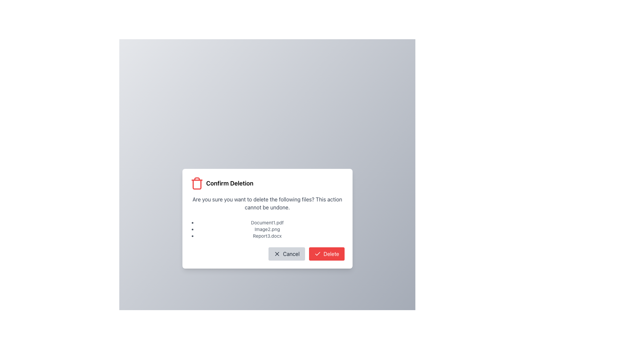  I want to click on the text label that displays the name of the file in the deletion confirmation dialog, so click(267, 223).